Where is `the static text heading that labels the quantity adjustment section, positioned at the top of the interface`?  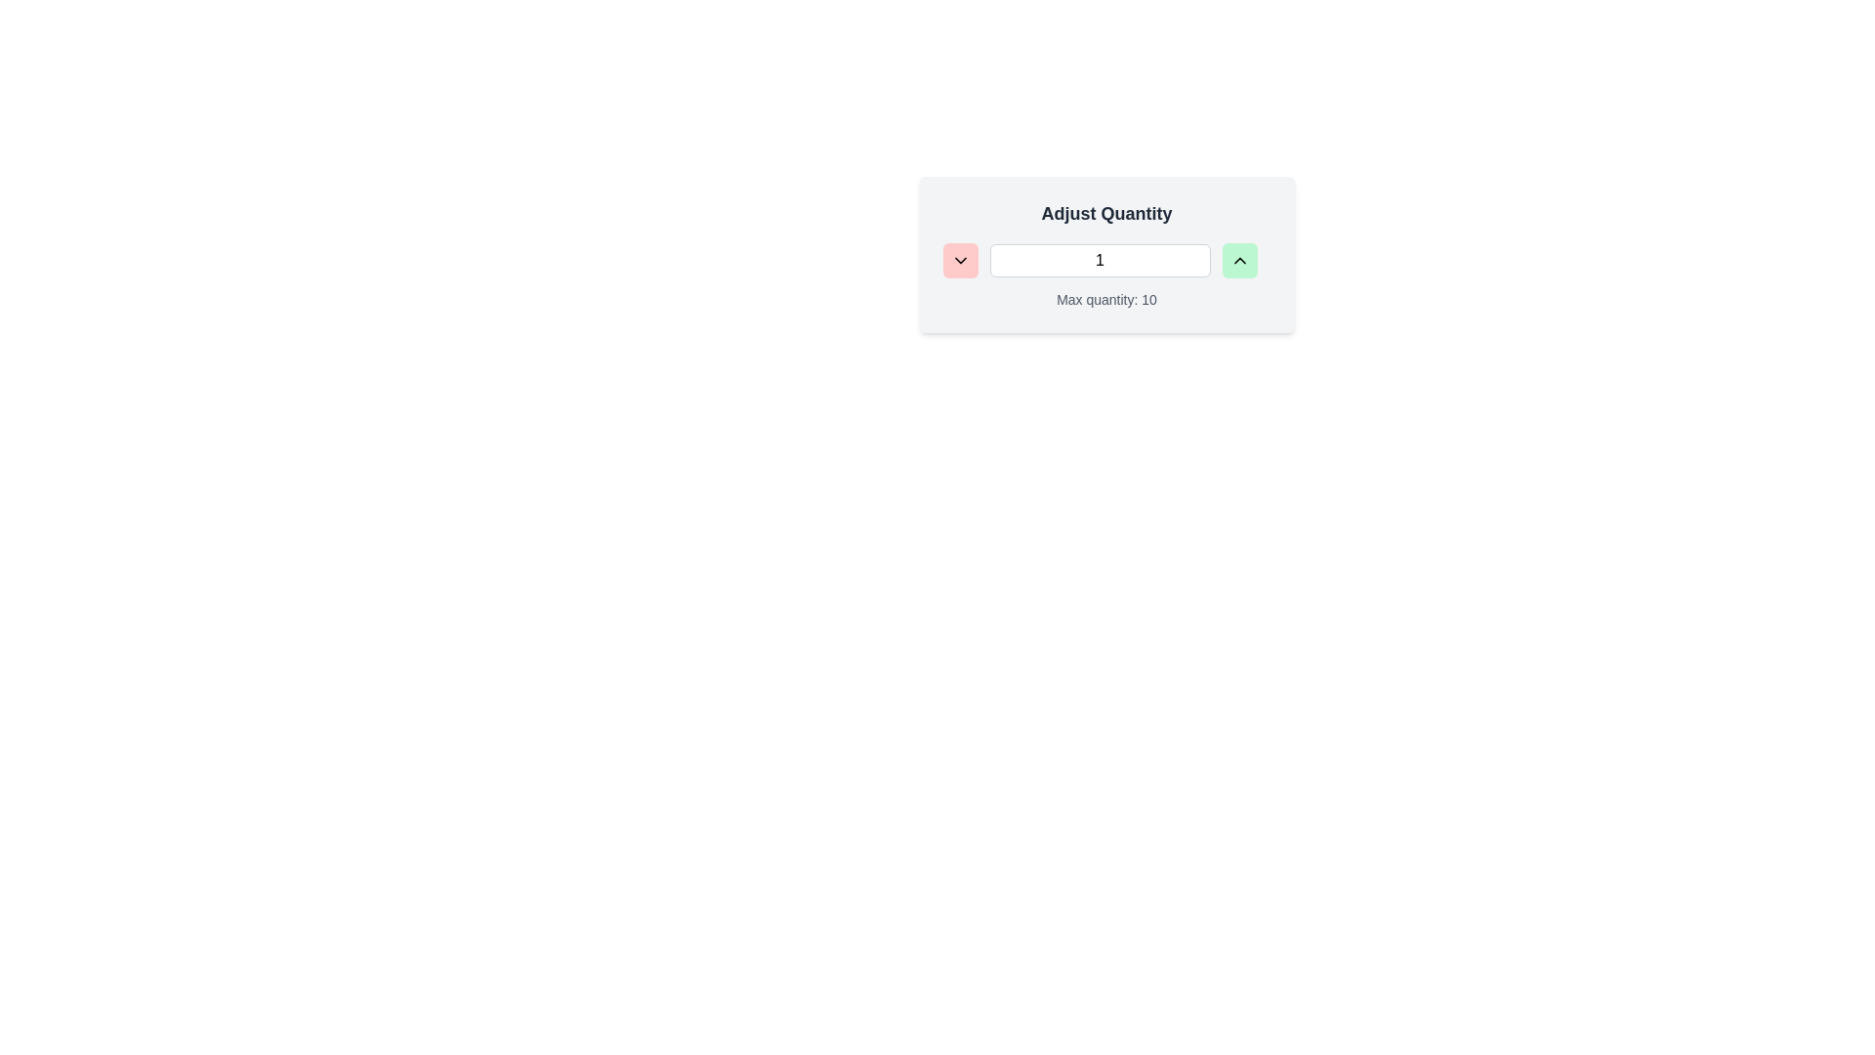 the static text heading that labels the quantity adjustment section, positioned at the top of the interface is located at coordinates (1106, 214).